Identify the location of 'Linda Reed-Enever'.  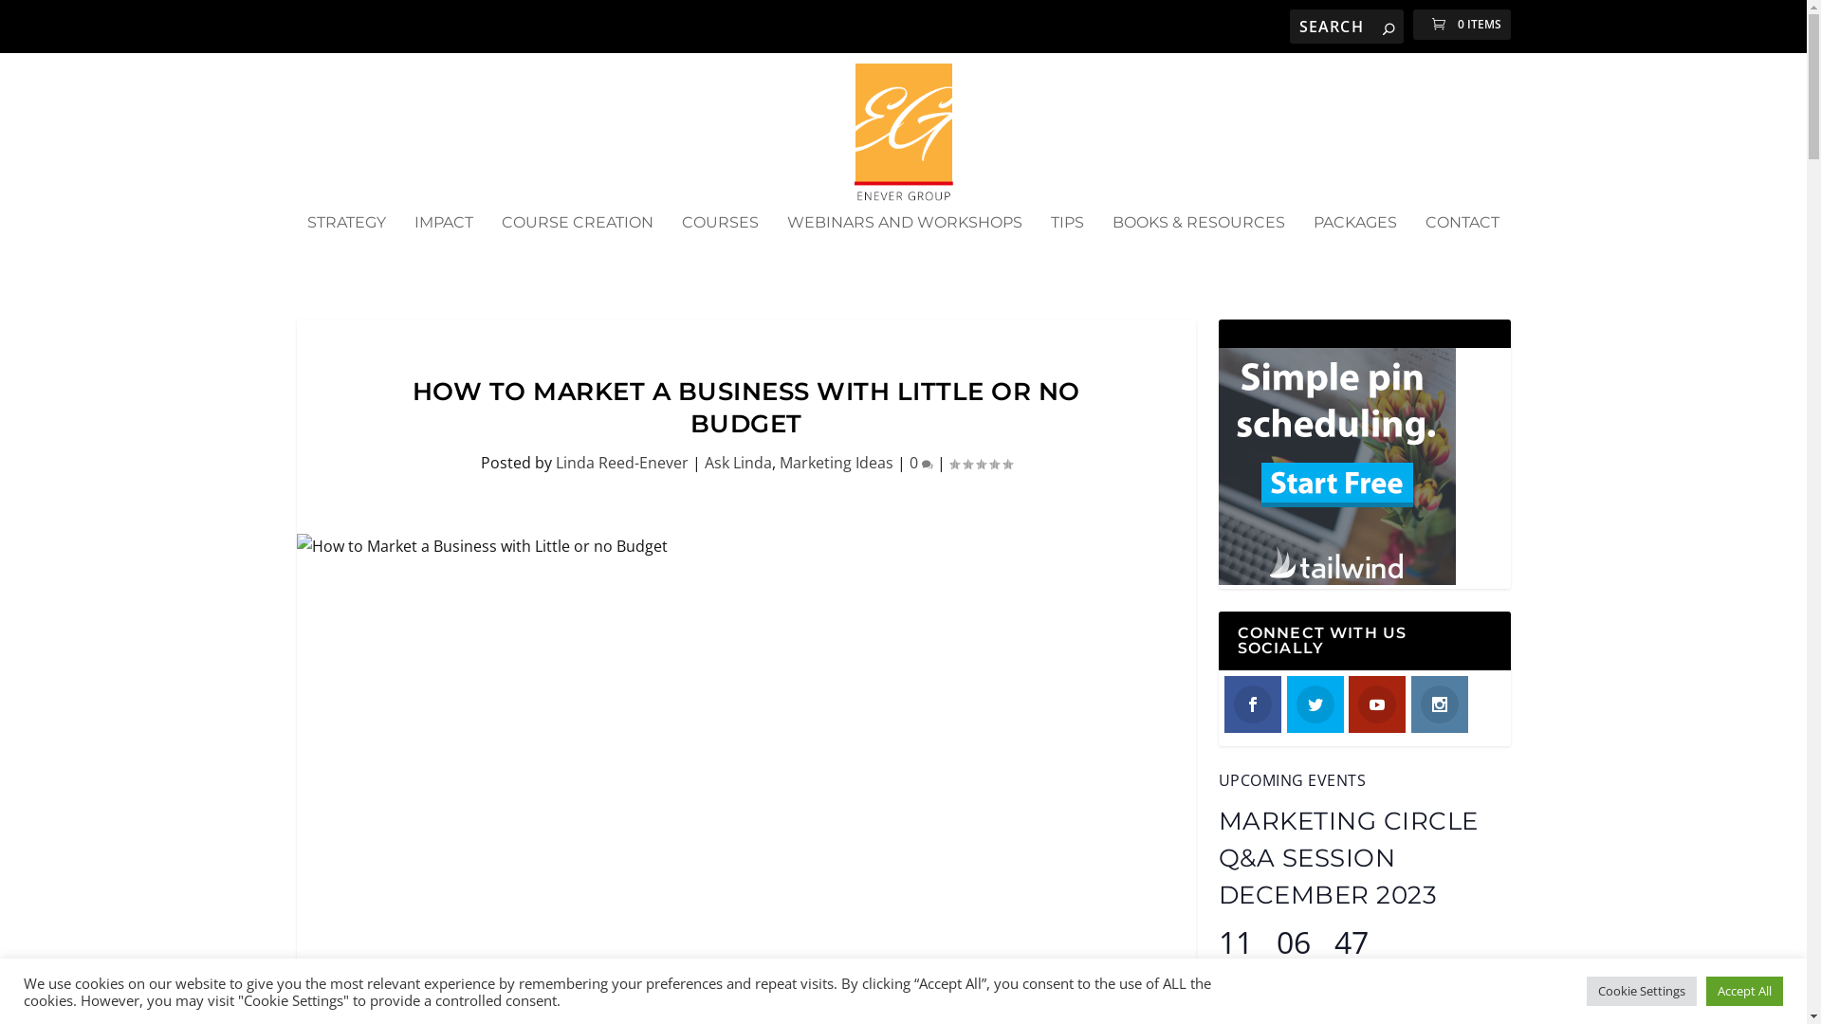
(622, 463).